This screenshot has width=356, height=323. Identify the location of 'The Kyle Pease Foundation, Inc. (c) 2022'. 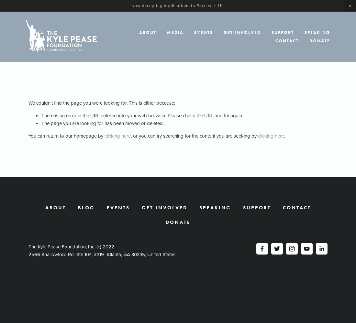
(28, 247).